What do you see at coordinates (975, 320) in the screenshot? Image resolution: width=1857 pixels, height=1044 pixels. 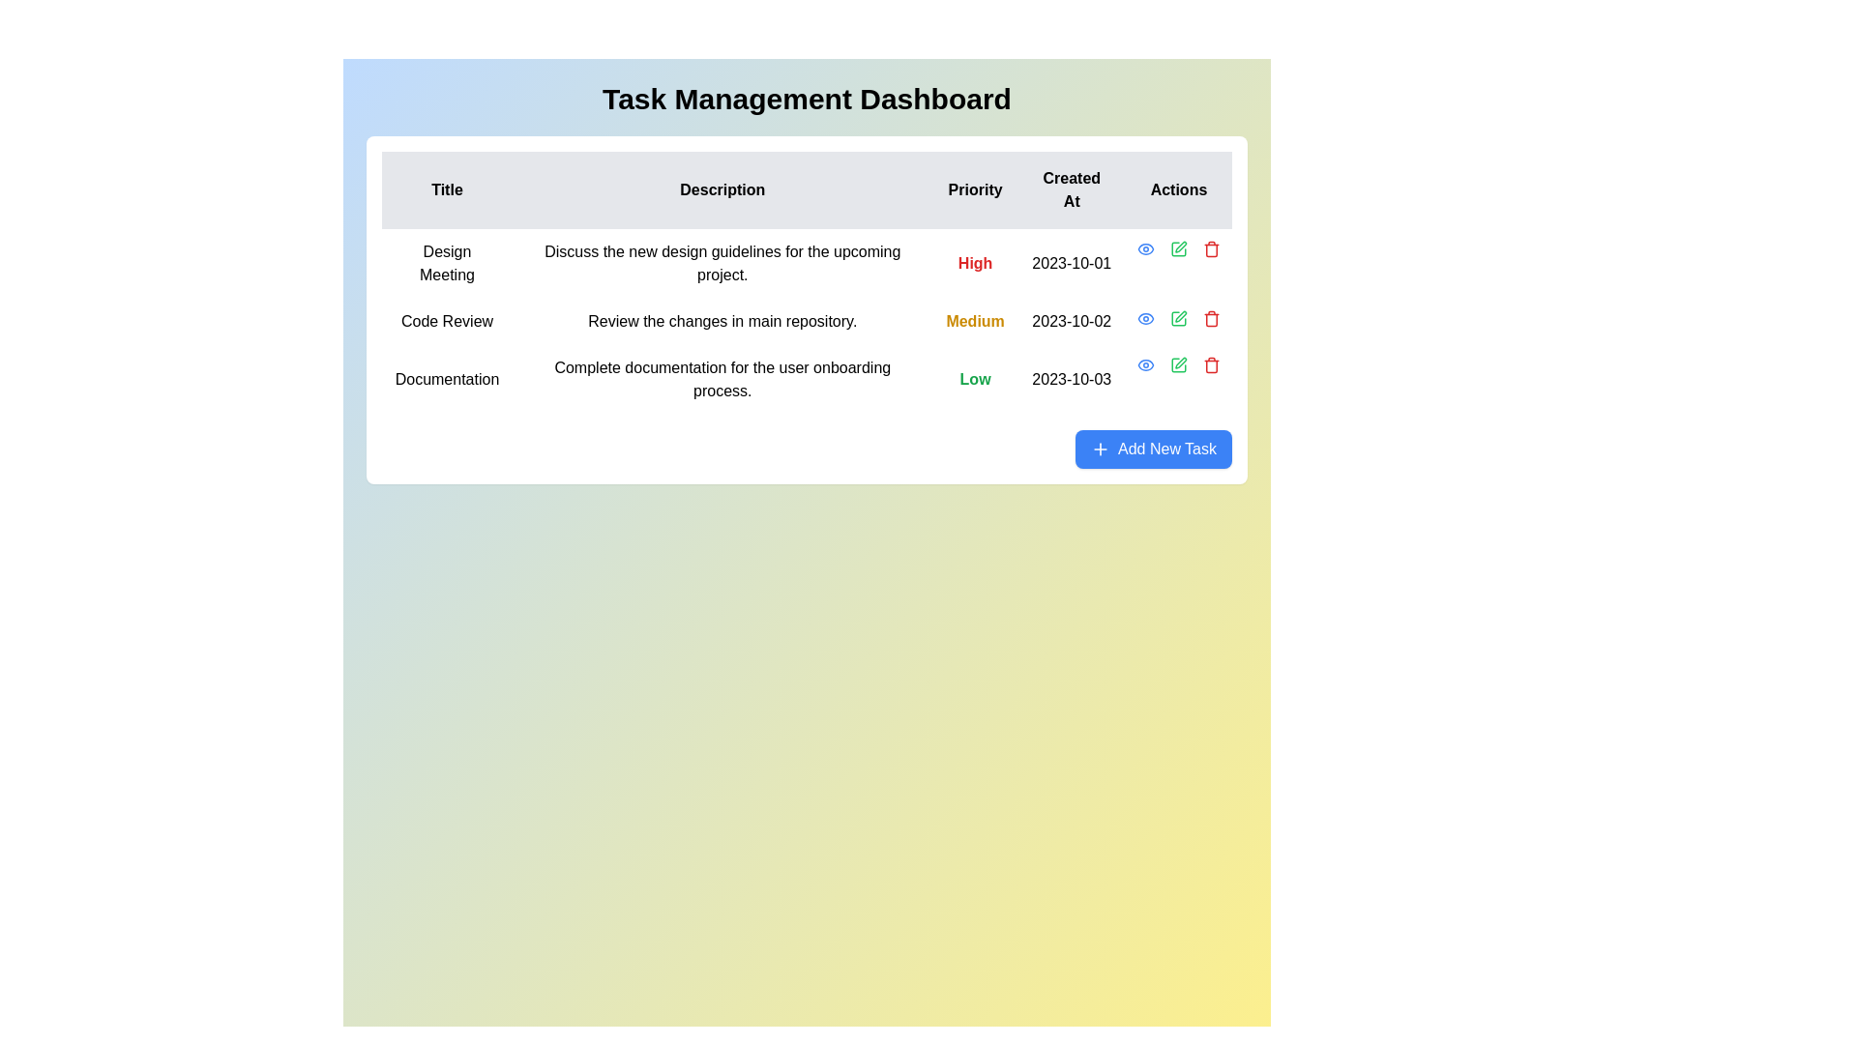 I see `the Text label indicating the priority level of a task in the second row of the table, located in the 'Priority' column` at bounding box center [975, 320].